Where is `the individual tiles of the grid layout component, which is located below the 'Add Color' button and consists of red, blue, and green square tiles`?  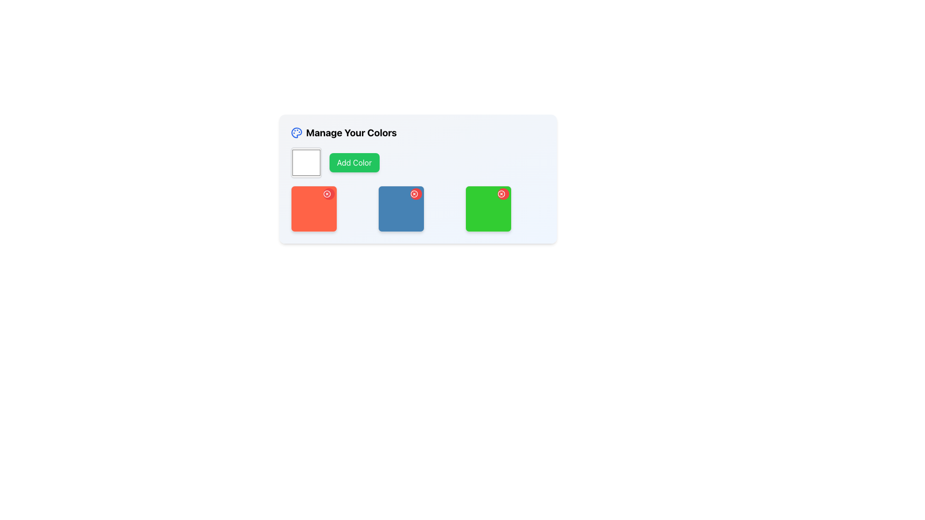 the individual tiles of the grid layout component, which is located below the 'Add Color' button and consists of red, blue, and green square tiles is located at coordinates (418, 208).